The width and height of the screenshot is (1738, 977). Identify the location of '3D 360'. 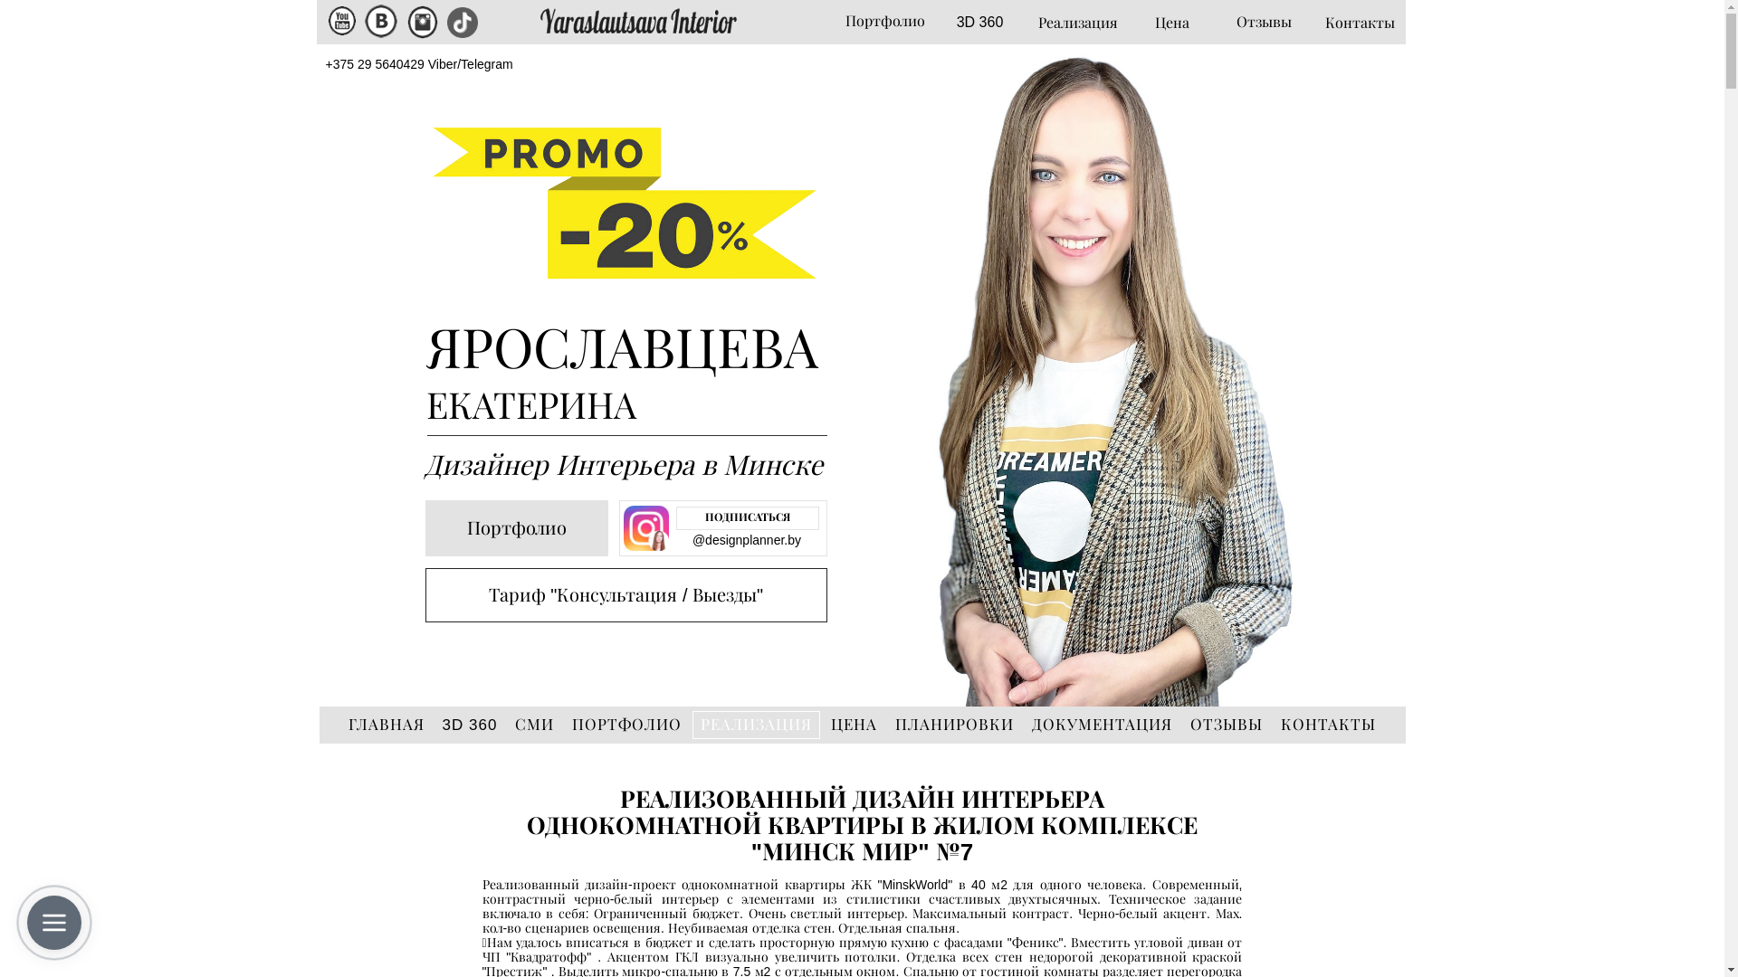
(978, 23).